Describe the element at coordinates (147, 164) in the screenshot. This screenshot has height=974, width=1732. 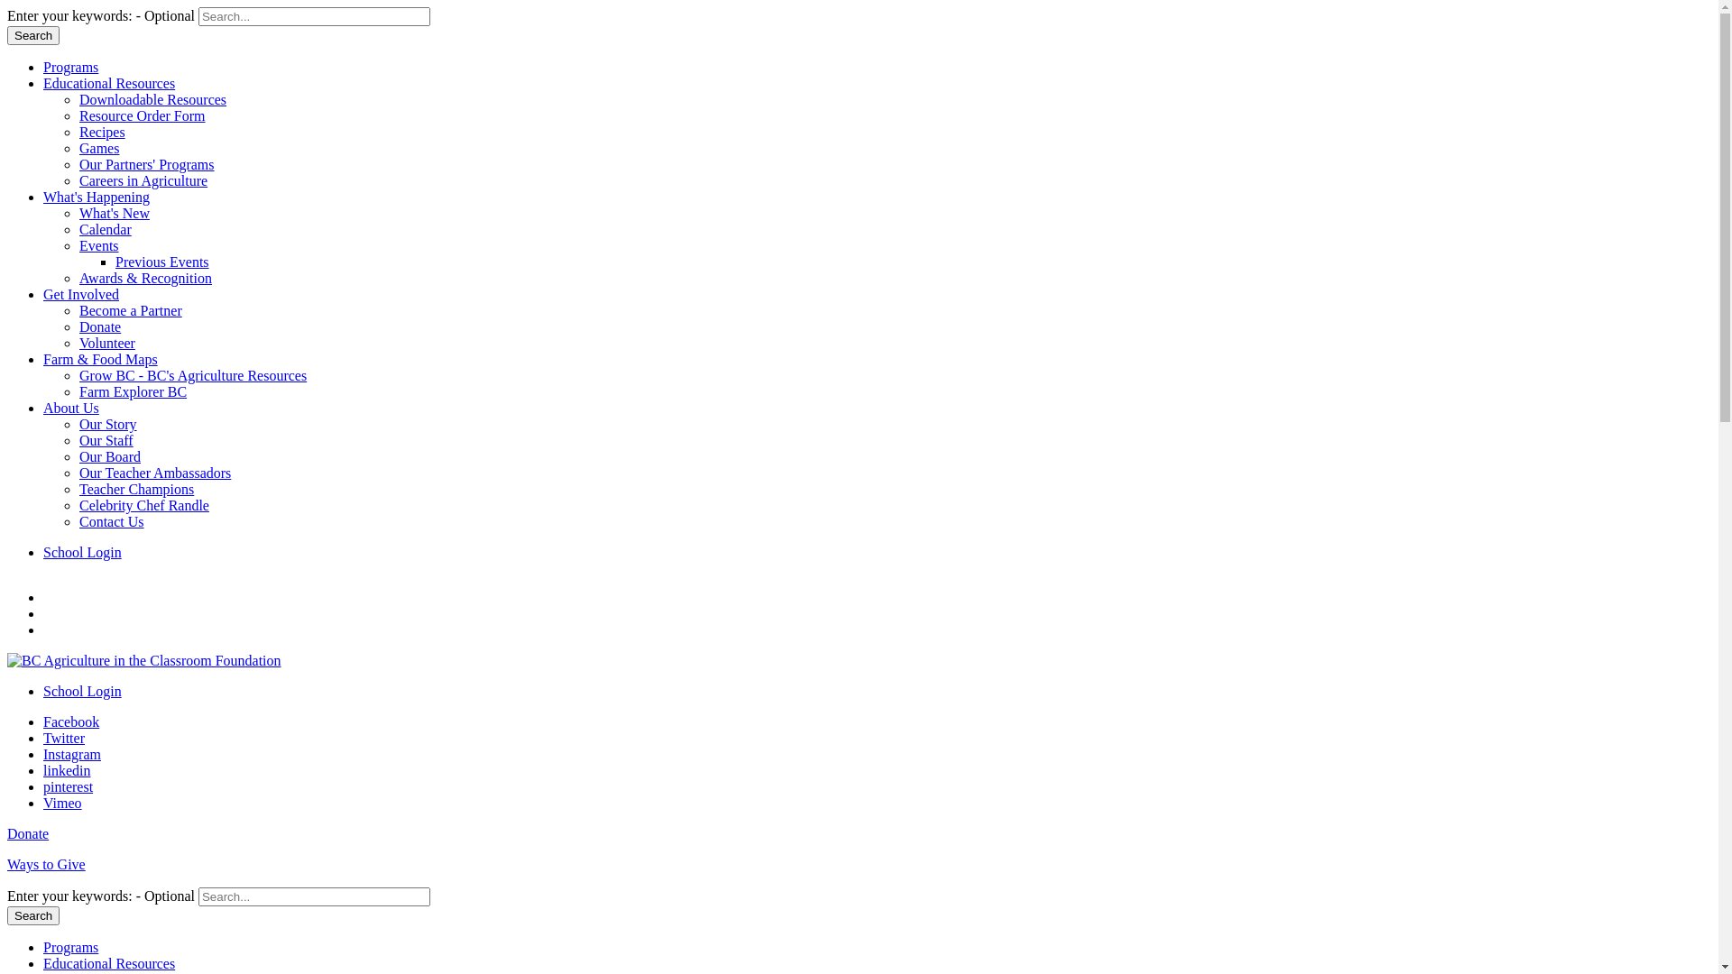
I see `'Our Partners' Programs'` at that location.